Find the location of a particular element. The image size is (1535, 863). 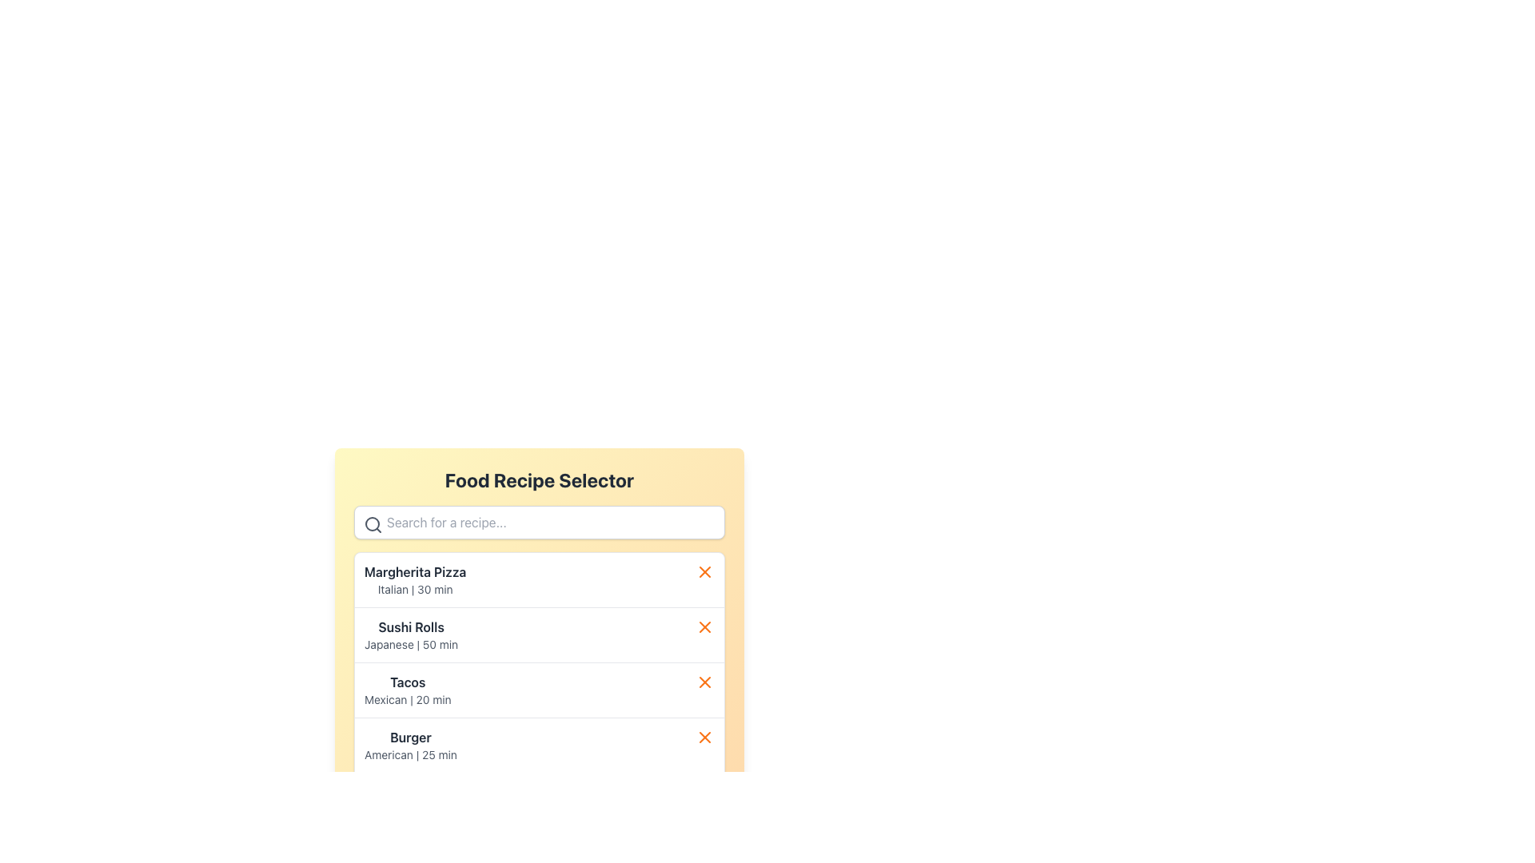

the 'Tacos' recipe title in the Food Recipe Selector list is located at coordinates (408, 682).